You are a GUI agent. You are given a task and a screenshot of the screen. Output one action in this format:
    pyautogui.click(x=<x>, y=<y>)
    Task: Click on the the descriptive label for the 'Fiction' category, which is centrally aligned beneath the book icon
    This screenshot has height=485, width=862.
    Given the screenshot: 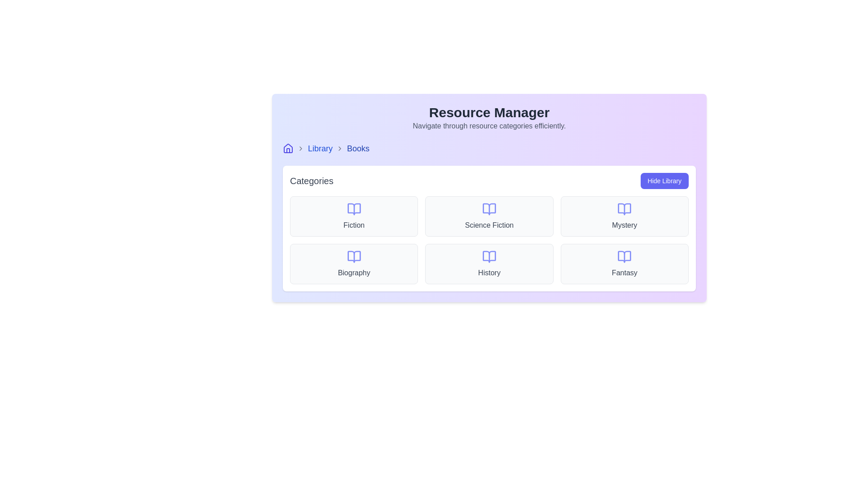 What is the action you would take?
    pyautogui.click(x=353, y=225)
    